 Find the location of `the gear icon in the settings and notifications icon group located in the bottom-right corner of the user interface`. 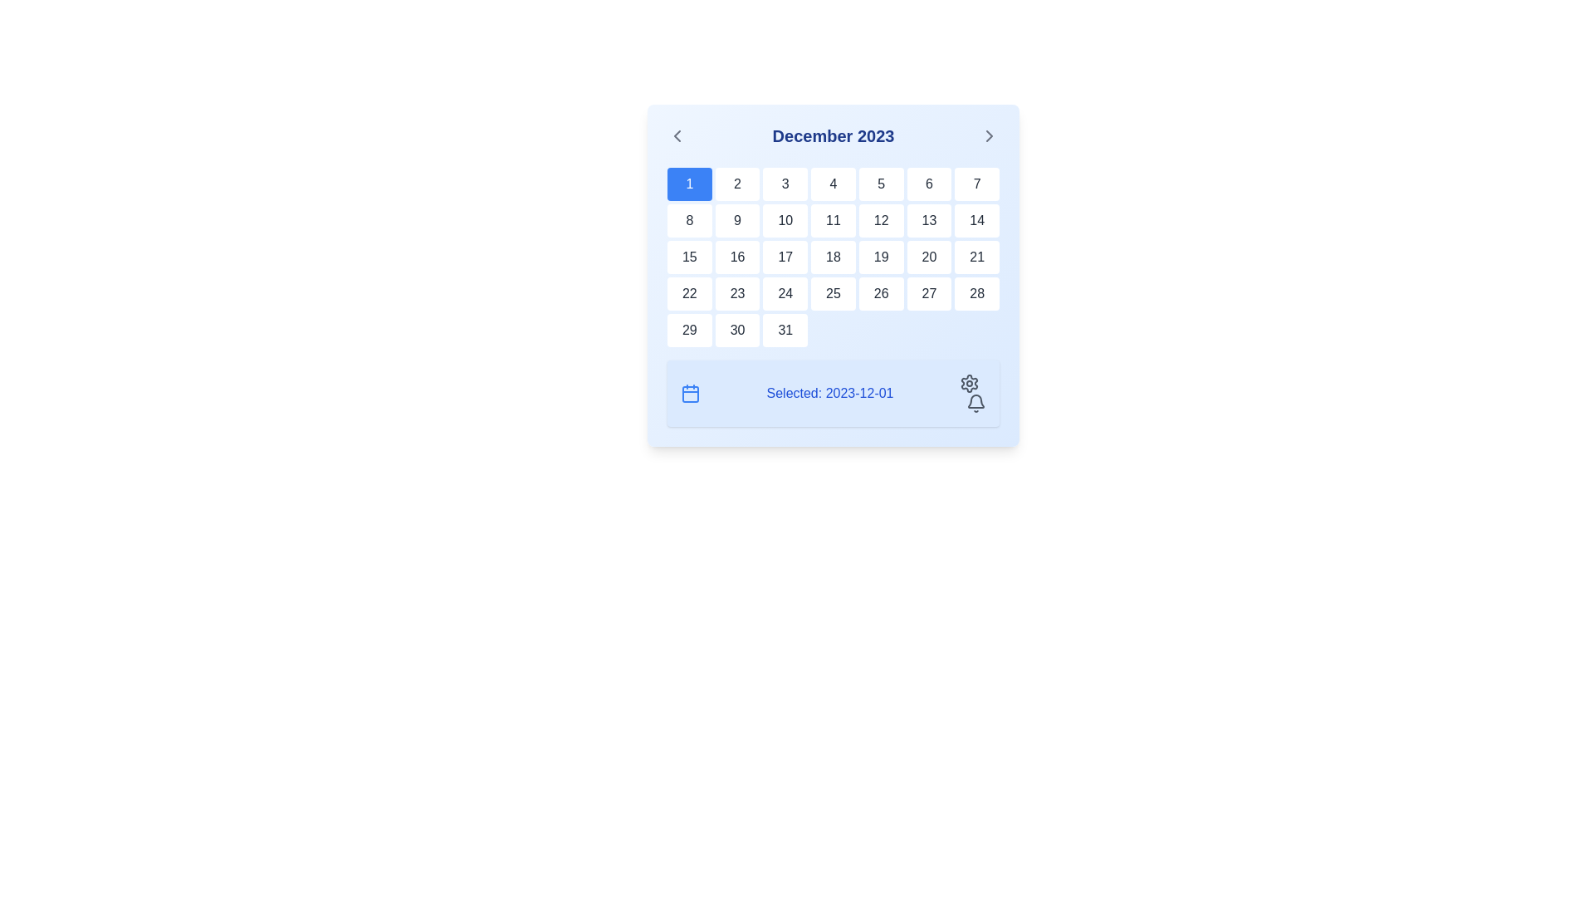

the gear icon in the settings and notifications icon group located in the bottom-right corner of the user interface is located at coordinates (972, 394).